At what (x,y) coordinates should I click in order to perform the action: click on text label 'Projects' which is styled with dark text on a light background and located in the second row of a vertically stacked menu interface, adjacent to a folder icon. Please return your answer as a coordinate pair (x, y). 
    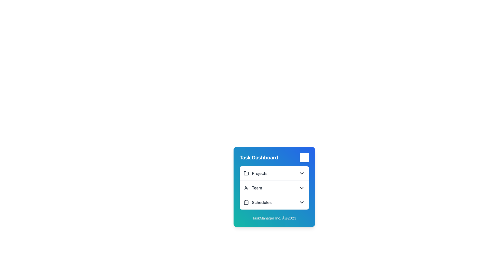
    Looking at the image, I should click on (260, 173).